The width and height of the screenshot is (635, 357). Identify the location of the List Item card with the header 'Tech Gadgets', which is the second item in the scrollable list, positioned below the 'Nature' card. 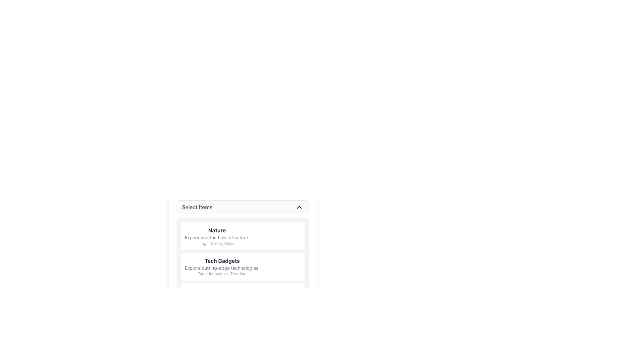
(242, 266).